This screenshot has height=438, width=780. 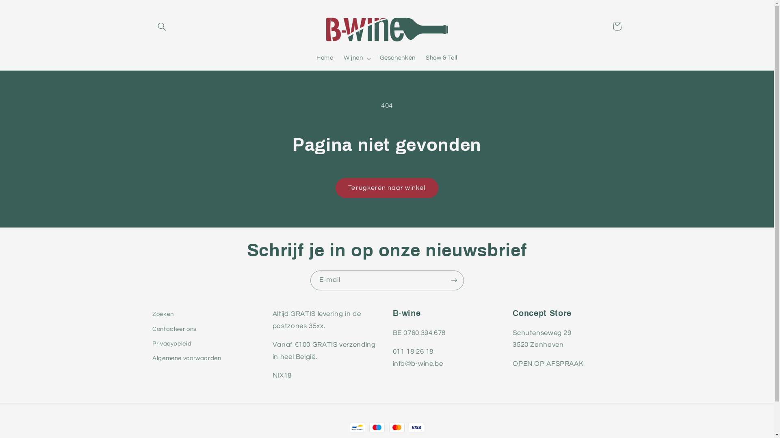 What do you see at coordinates (171, 344) in the screenshot?
I see `'Privacybeleid'` at bounding box center [171, 344].